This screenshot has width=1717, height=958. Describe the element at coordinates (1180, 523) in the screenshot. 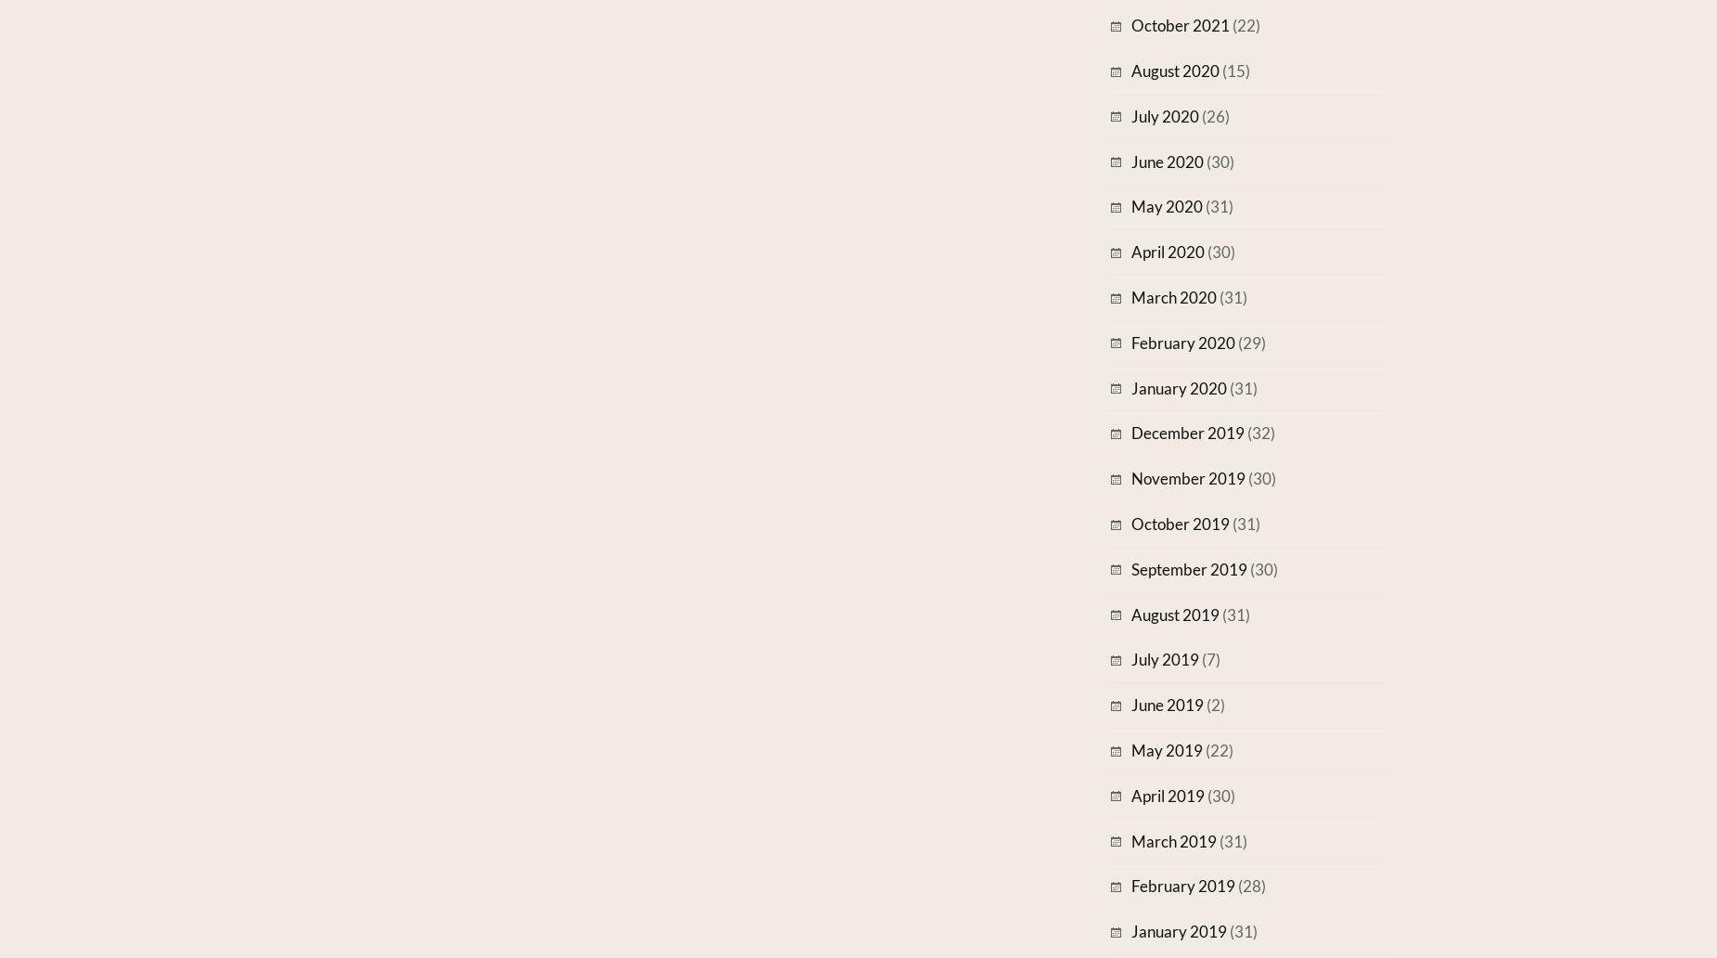

I see `'October 2019'` at that location.